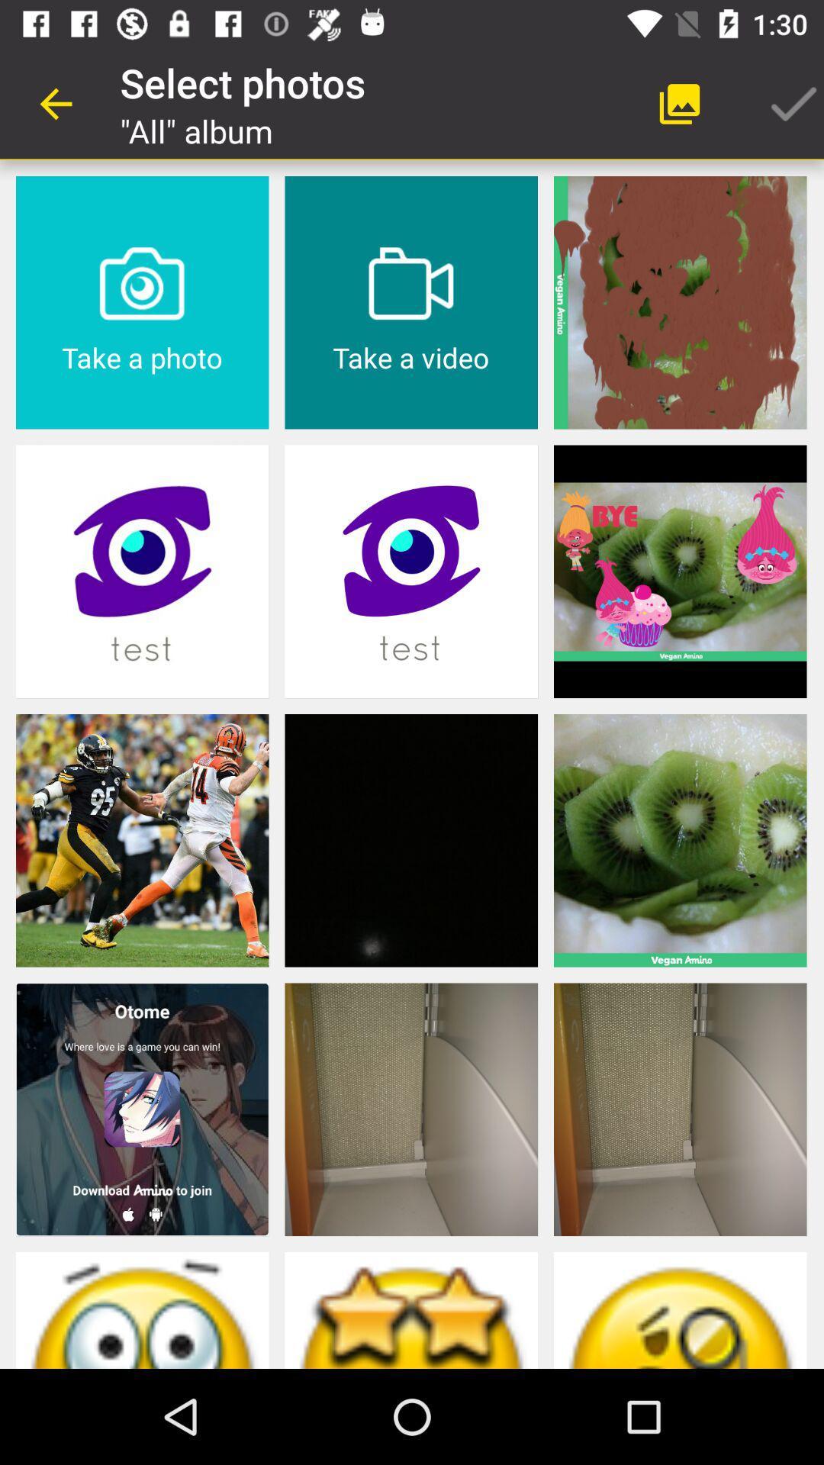 This screenshot has height=1465, width=824. Describe the element at coordinates (679, 103) in the screenshot. I see `item to the right of the select photos item` at that location.